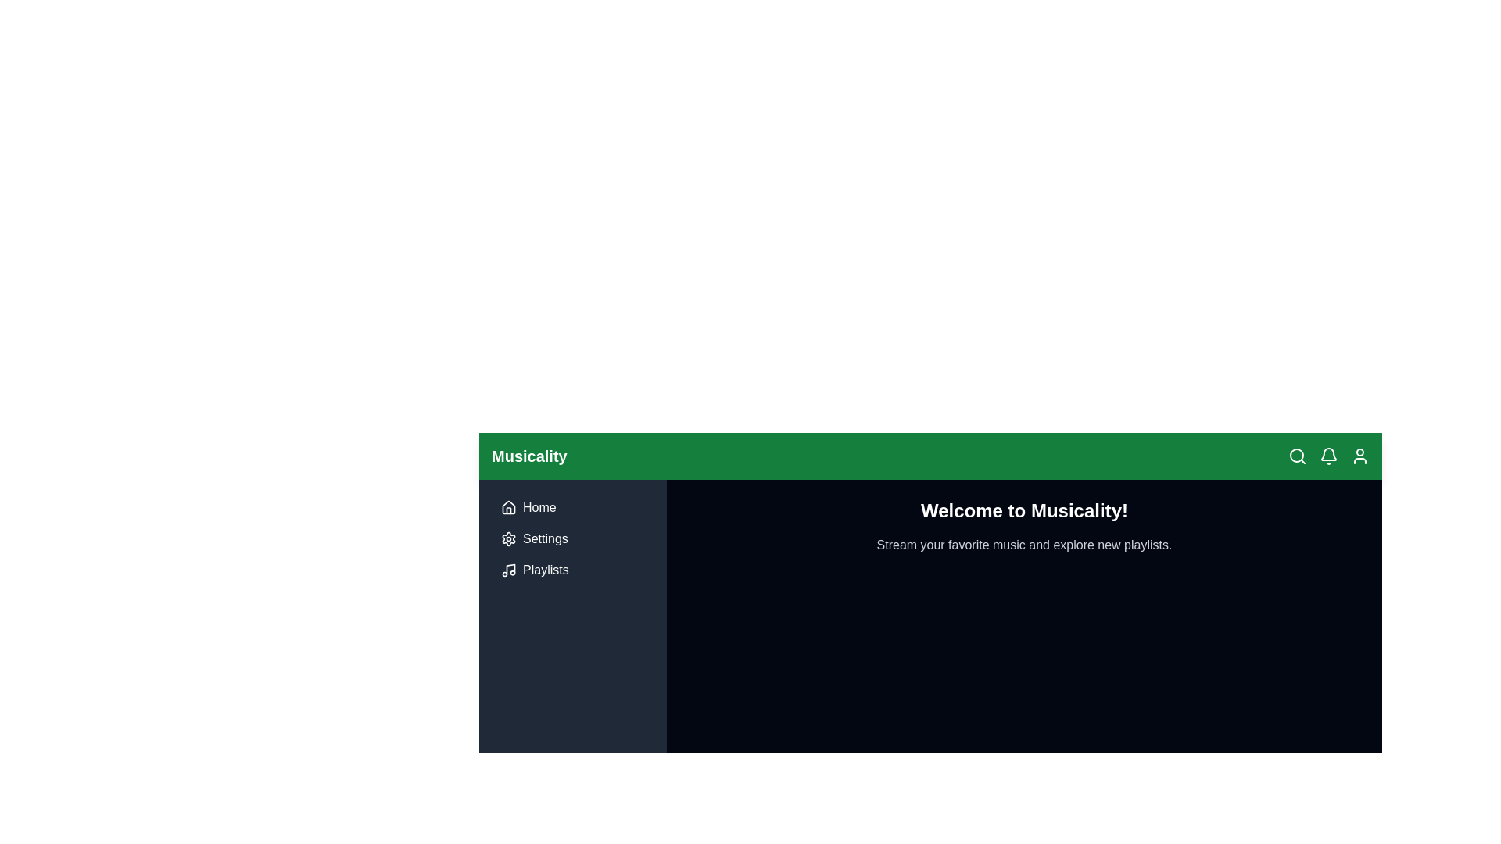 The height and width of the screenshot is (844, 1501). What do you see at coordinates (509, 506) in the screenshot?
I see `the 'Home' icon located in the top-left corner of the sidebar navigation menu` at bounding box center [509, 506].